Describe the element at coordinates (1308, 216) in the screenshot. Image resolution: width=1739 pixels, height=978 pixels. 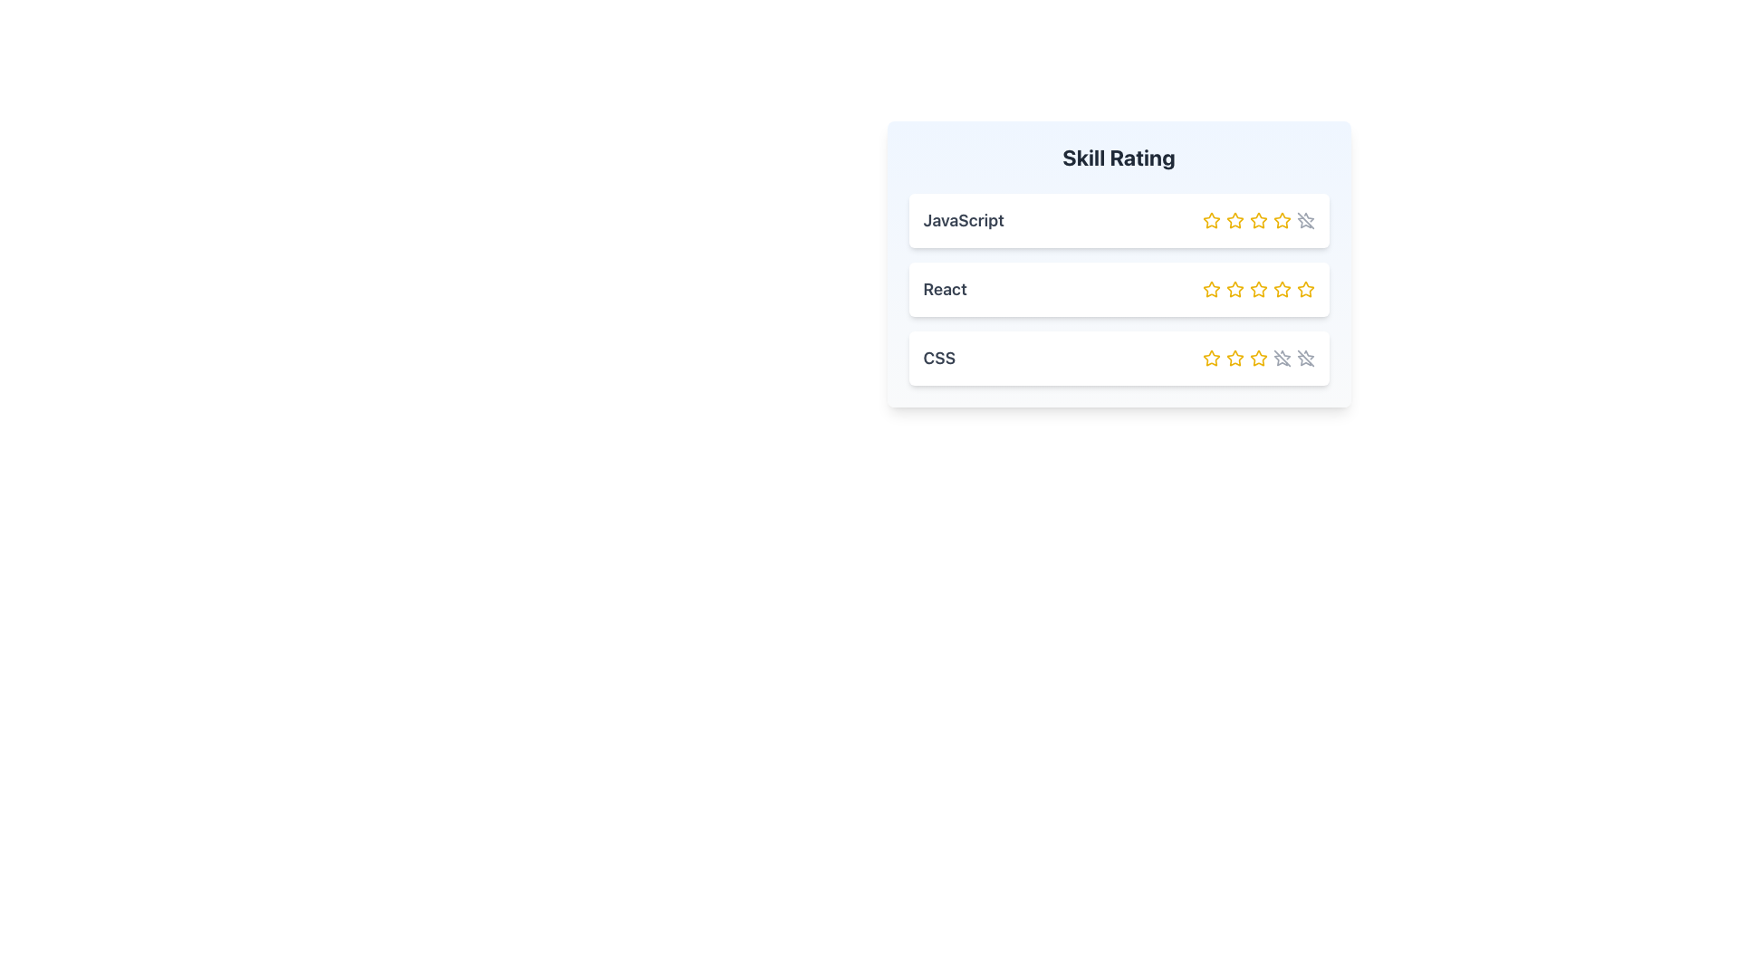
I see `the second part of the star icon group representing the first rating star for the 'JavaScript' skill in the skill rating section` at that location.